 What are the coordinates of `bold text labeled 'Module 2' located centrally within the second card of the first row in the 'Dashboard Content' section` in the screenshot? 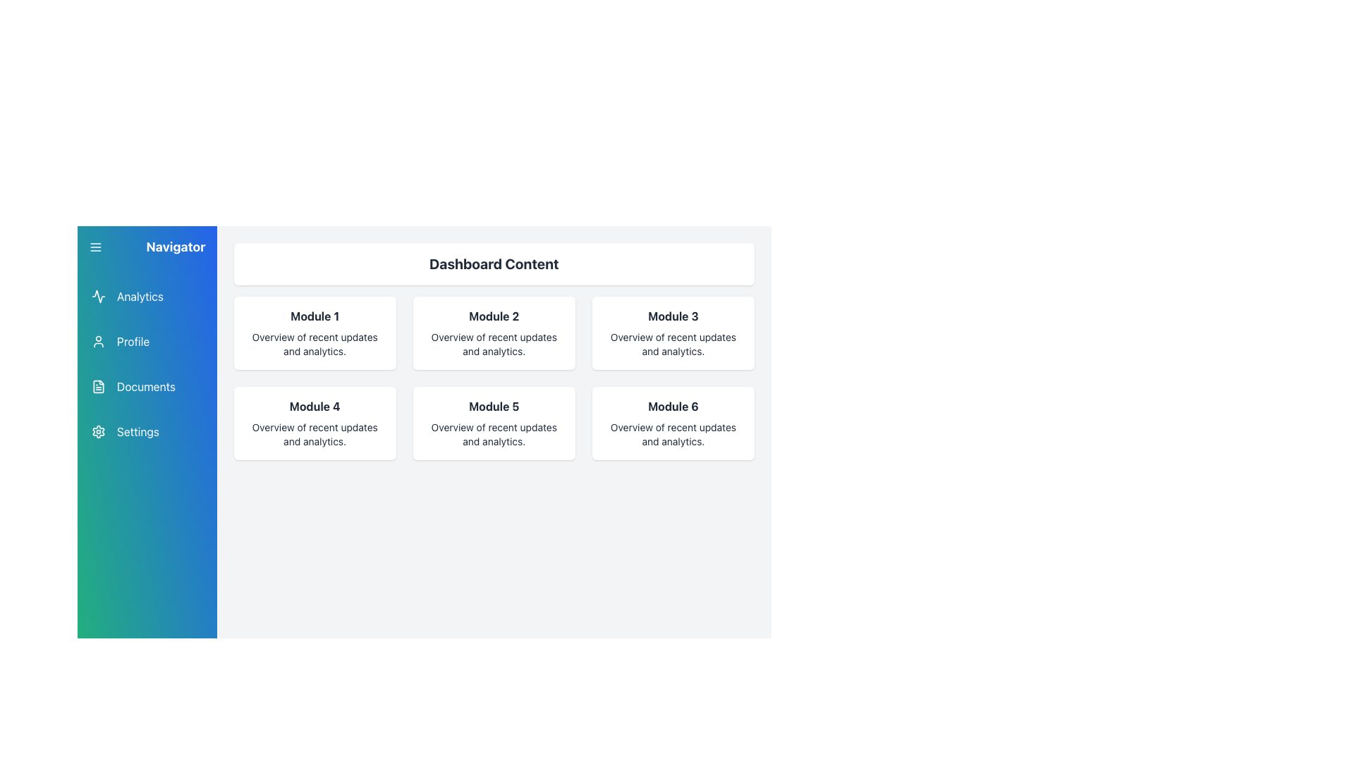 It's located at (494, 315).